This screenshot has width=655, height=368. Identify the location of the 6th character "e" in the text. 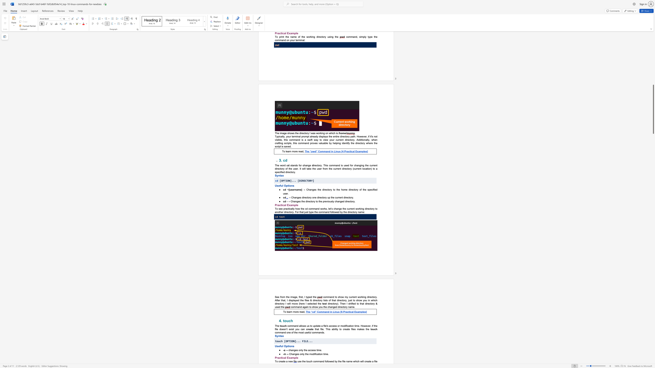
(307, 300).